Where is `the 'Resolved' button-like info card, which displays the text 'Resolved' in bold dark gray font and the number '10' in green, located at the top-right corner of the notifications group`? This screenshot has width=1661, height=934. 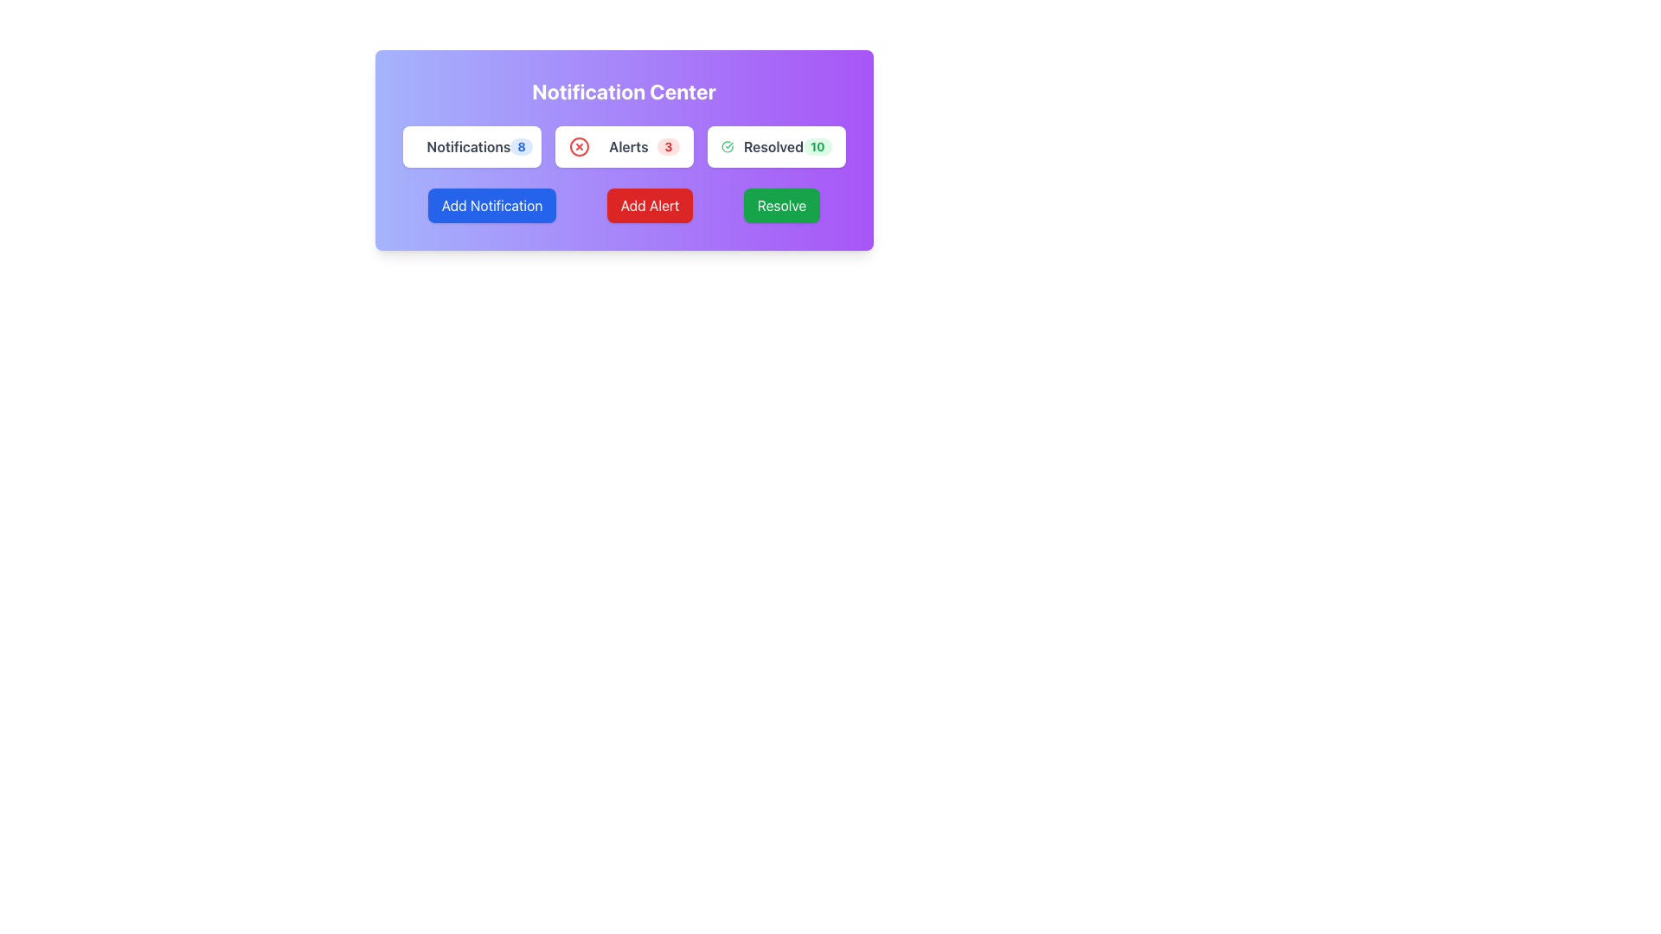
the 'Resolved' button-like info card, which displays the text 'Resolved' in bold dark gray font and the number '10' in green, located at the top-right corner of the notifications group is located at coordinates (775, 145).